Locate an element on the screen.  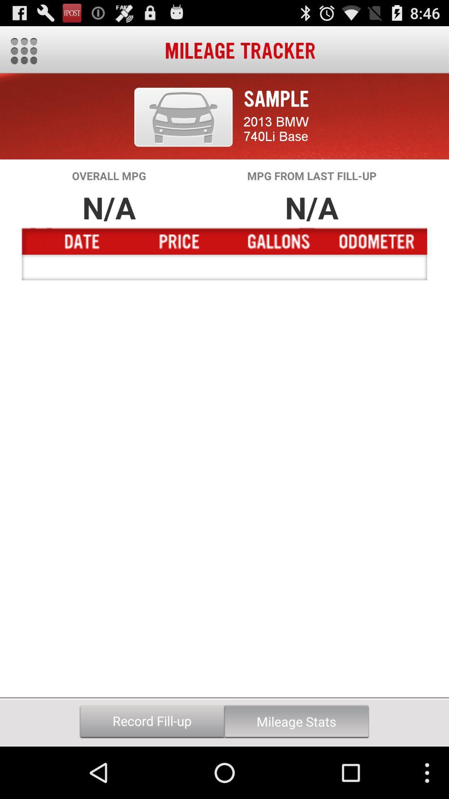
item above the overall mpg item is located at coordinates (183, 117).